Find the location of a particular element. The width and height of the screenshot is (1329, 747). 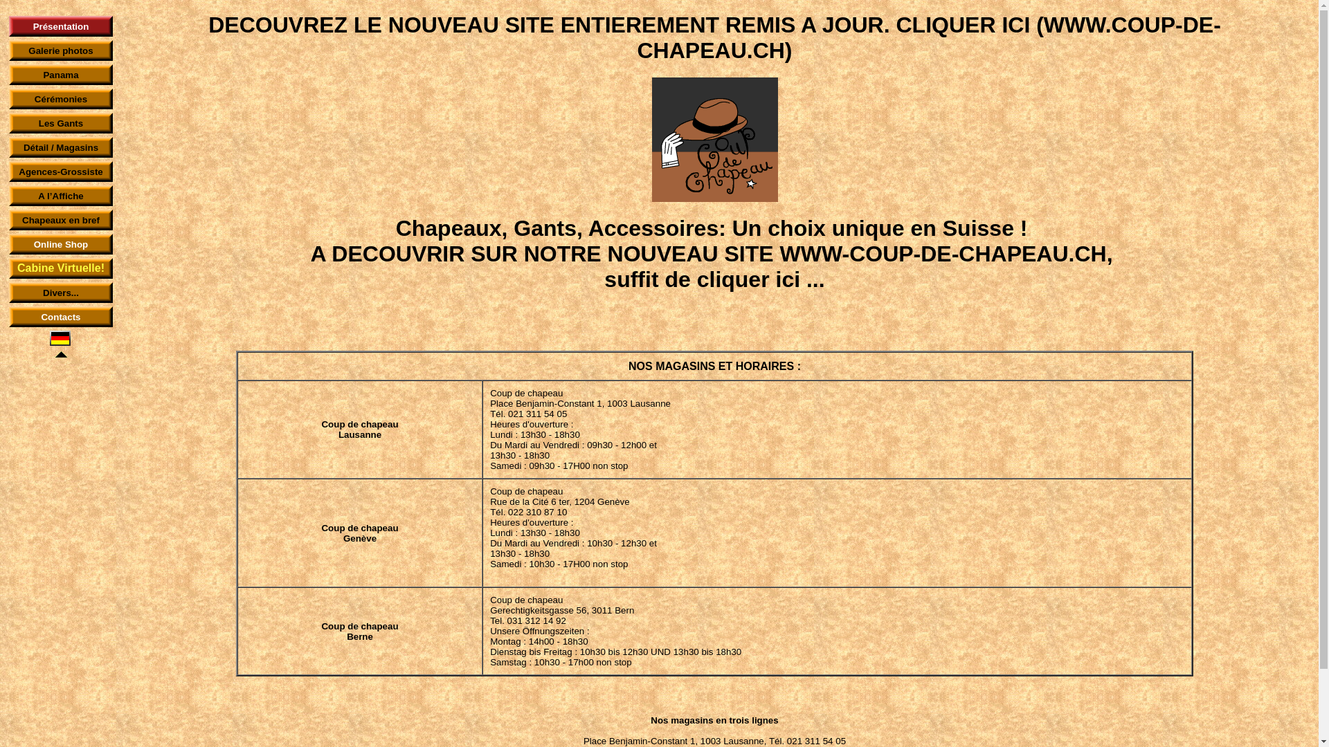

'Divers...' is located at coordinates (43, 292).